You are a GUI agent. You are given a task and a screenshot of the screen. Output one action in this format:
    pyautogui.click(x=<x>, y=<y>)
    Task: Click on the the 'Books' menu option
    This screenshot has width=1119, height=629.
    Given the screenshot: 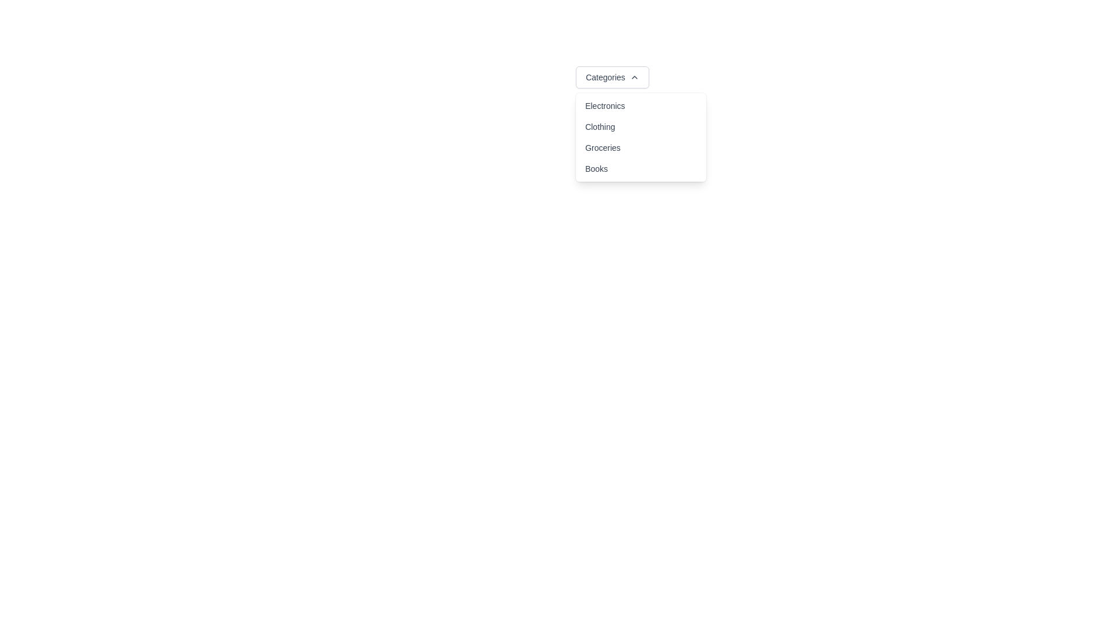 What is the action you would take?
    pyautogui.click(x=640, y=168)
    